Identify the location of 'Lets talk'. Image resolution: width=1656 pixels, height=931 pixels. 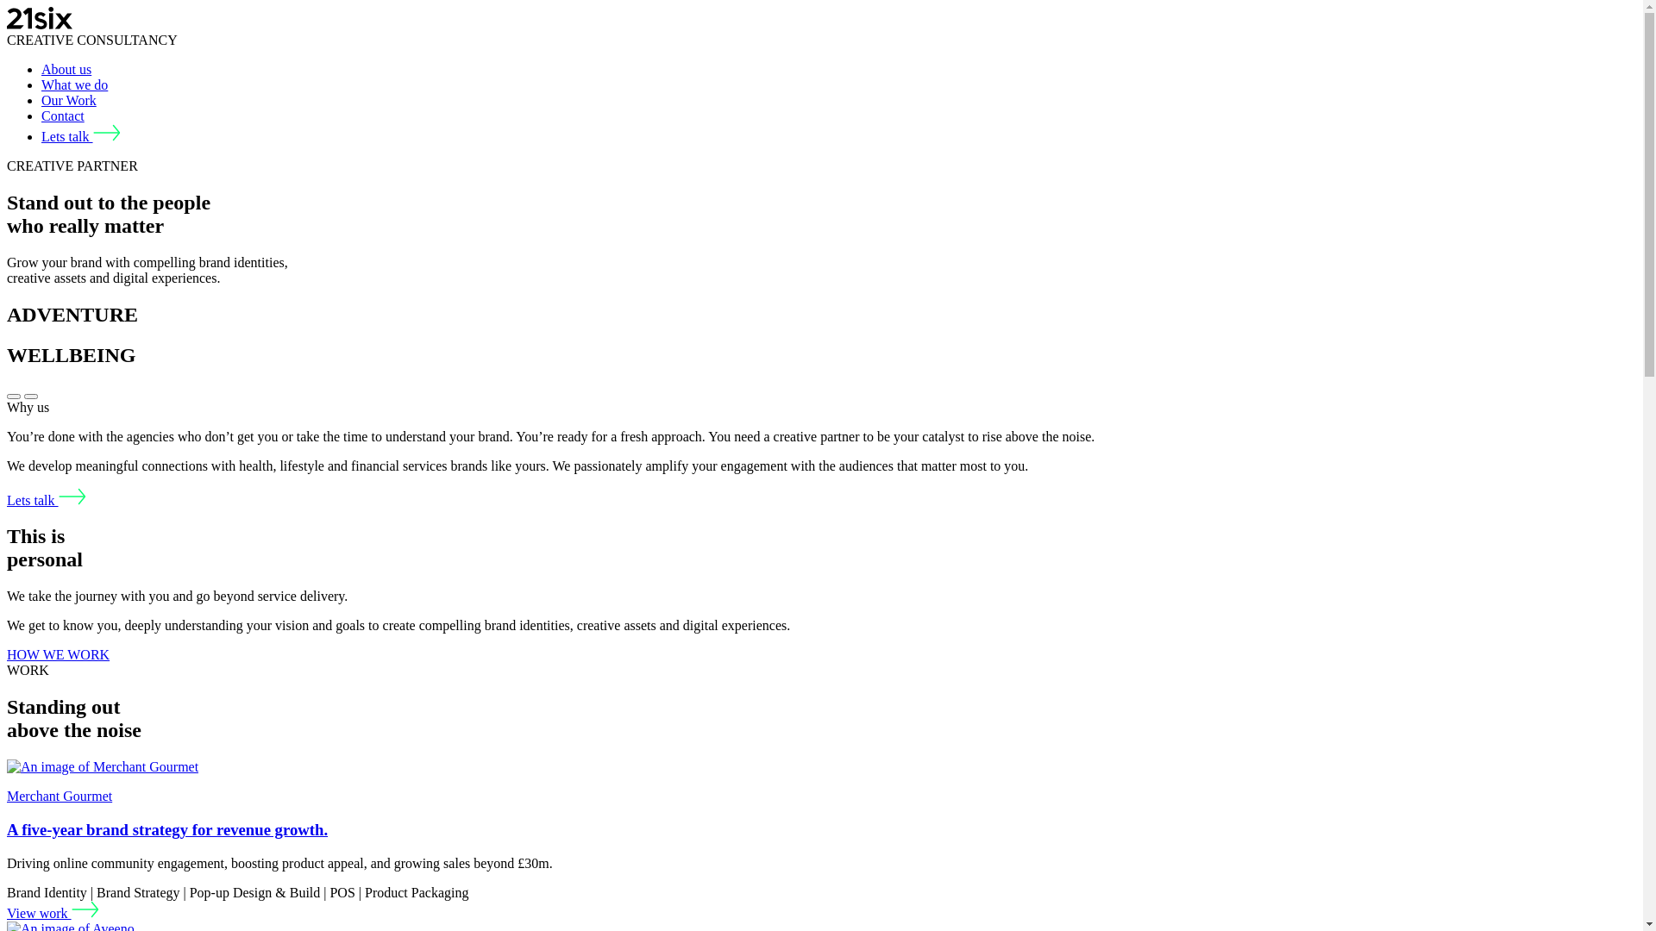
(46, 500).